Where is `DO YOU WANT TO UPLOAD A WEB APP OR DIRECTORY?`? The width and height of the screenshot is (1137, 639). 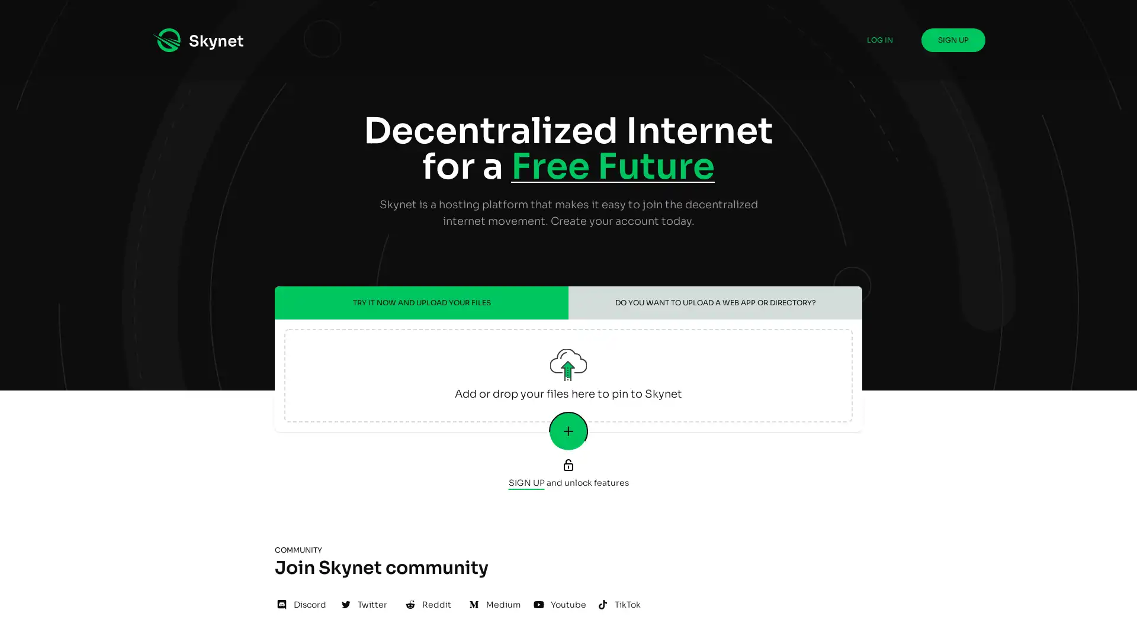 DO YOU WANT TO UPLOAD A WEB APP OR DIRECTORY? is located at coordinates (715, 302).